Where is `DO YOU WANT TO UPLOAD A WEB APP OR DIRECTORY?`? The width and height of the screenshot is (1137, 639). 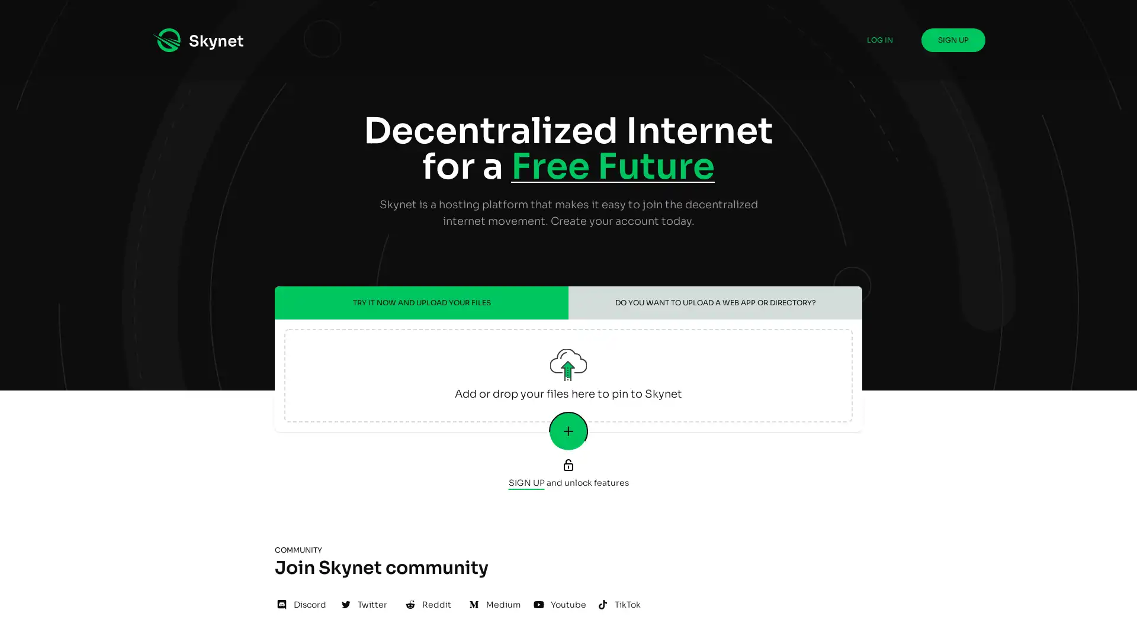 DO YOU WANT TO UPLOAD A WEB APP OR DIRECTORY? is located at coordinates (715, 302).